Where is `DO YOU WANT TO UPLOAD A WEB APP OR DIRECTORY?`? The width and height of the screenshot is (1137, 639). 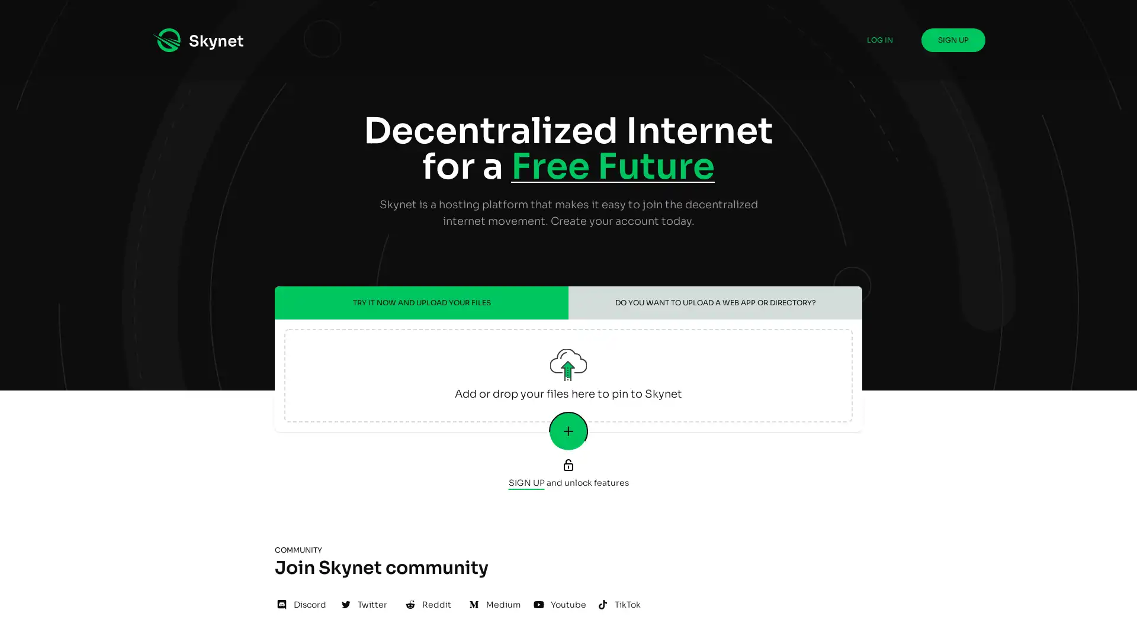 DO YOU WANT TO UPLOAD A WEB APP OR DIRECTORY? is located at coordinates (715, 302).